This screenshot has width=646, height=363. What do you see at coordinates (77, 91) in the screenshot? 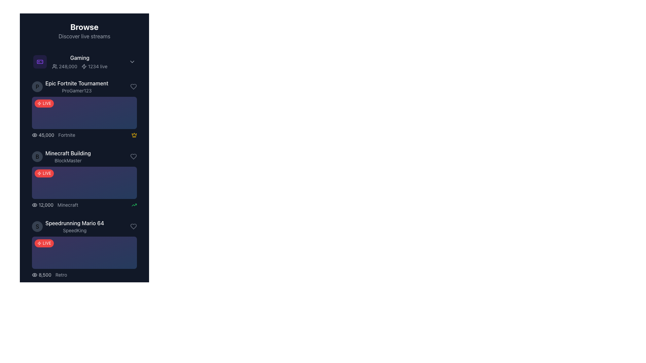
I see `the text label displaying the username 'ProGamer123', which is a small gray italicized font located below the bold white text 'Epic Fortnite Tournament'` at bounding box center [77, 91].